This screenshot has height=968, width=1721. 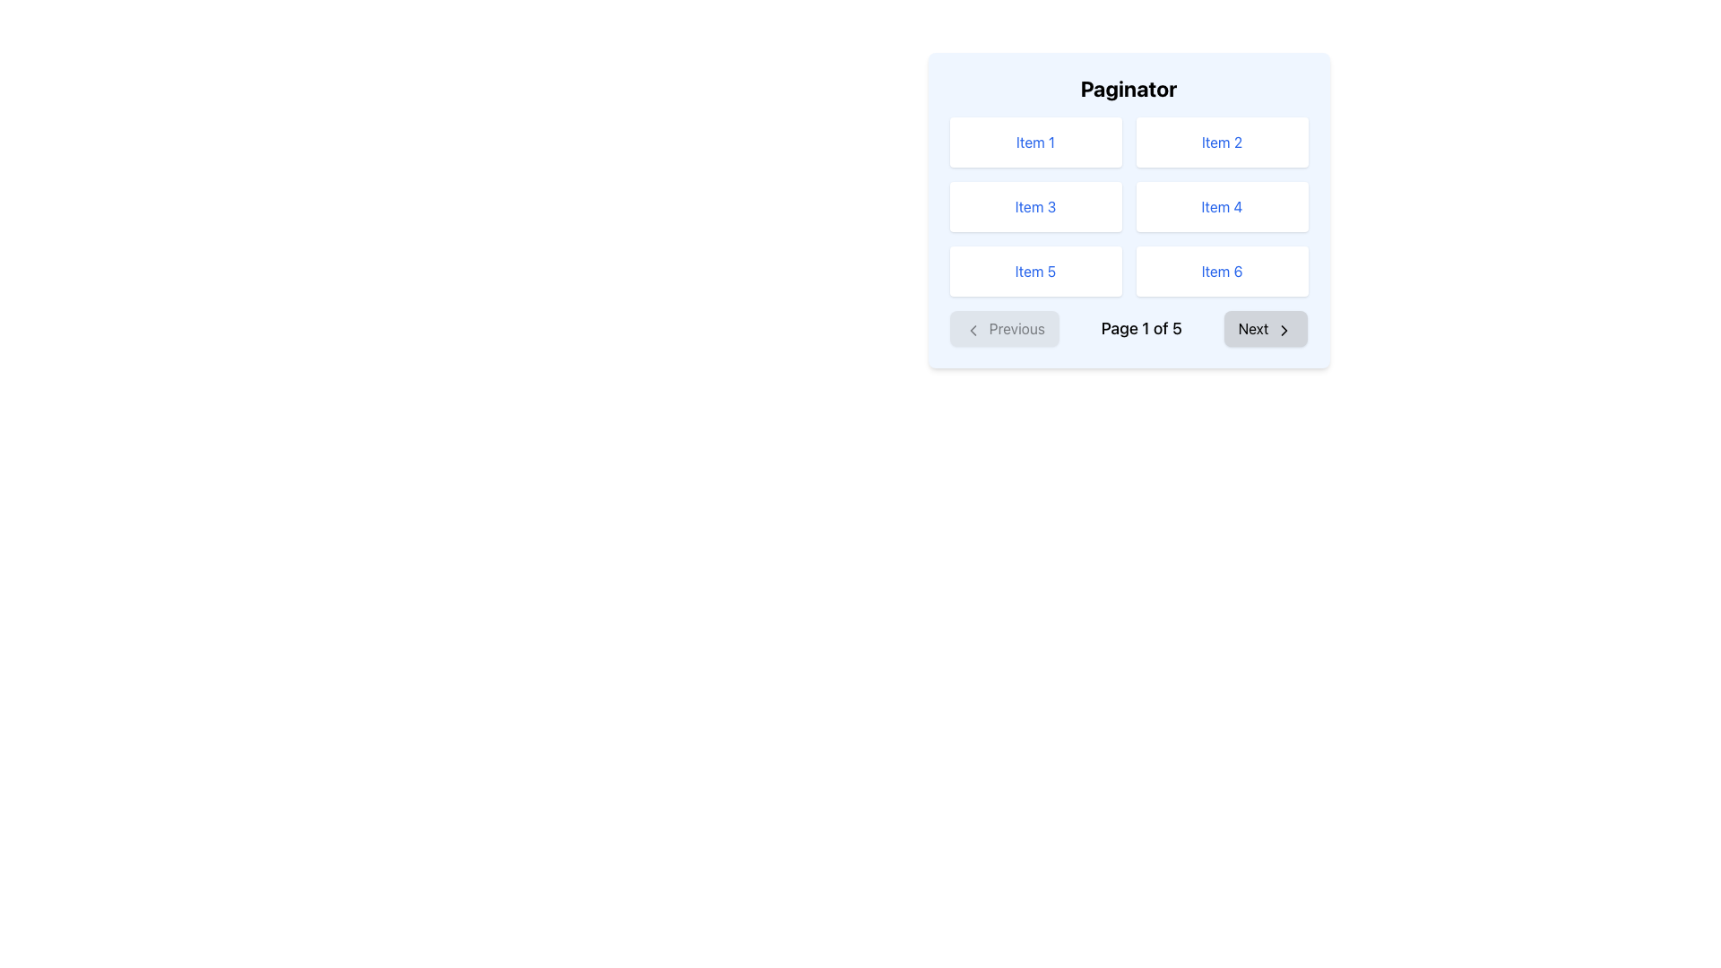 What do you see at coordinates (972, 330) in the screenshot?
I see `the left-pointing chevron icon that indicates the action of going to the previous set of items in the paginator, which is part of the 'Previous' button` at bounding box center [972, 330].